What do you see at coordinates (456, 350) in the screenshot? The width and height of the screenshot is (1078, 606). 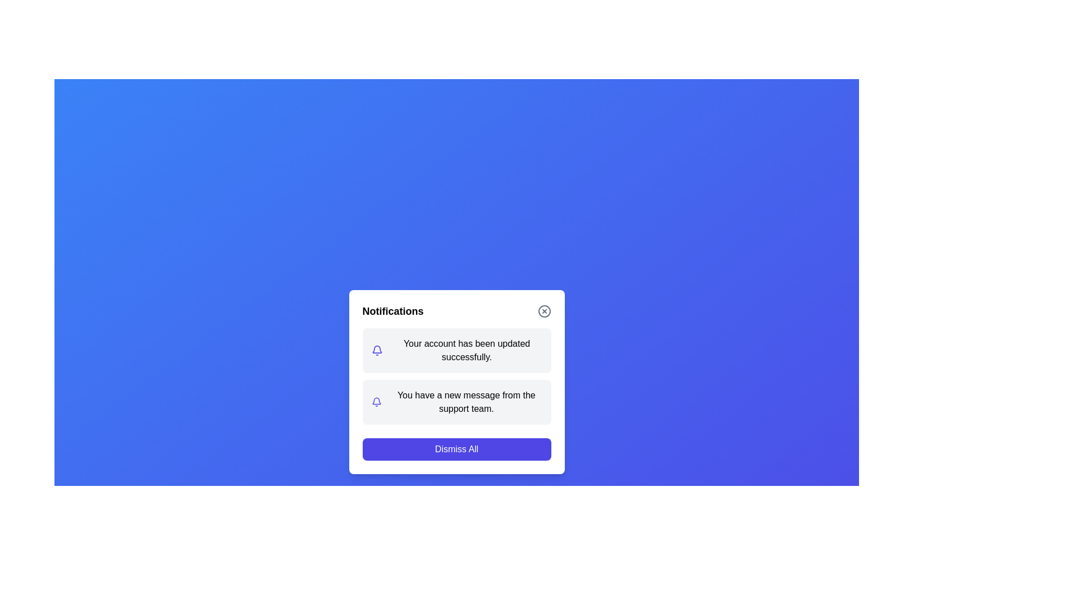 I see `the update by clicking on the first notification item in the notification panel that confirms a successful update to the user's account` at bounding box center [456, 350].